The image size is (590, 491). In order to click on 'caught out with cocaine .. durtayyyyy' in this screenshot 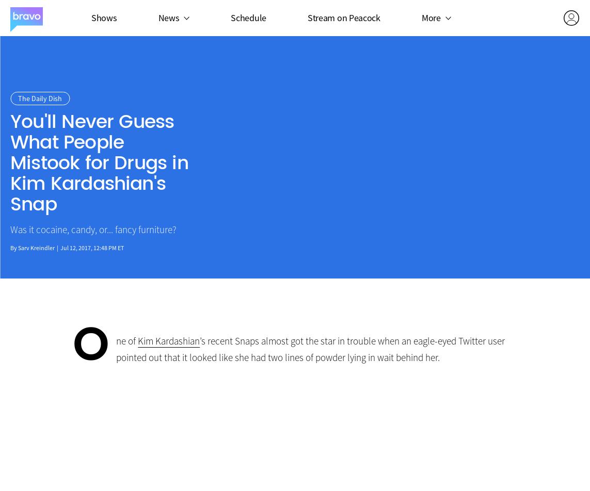, I will do `click(293, 445)`.